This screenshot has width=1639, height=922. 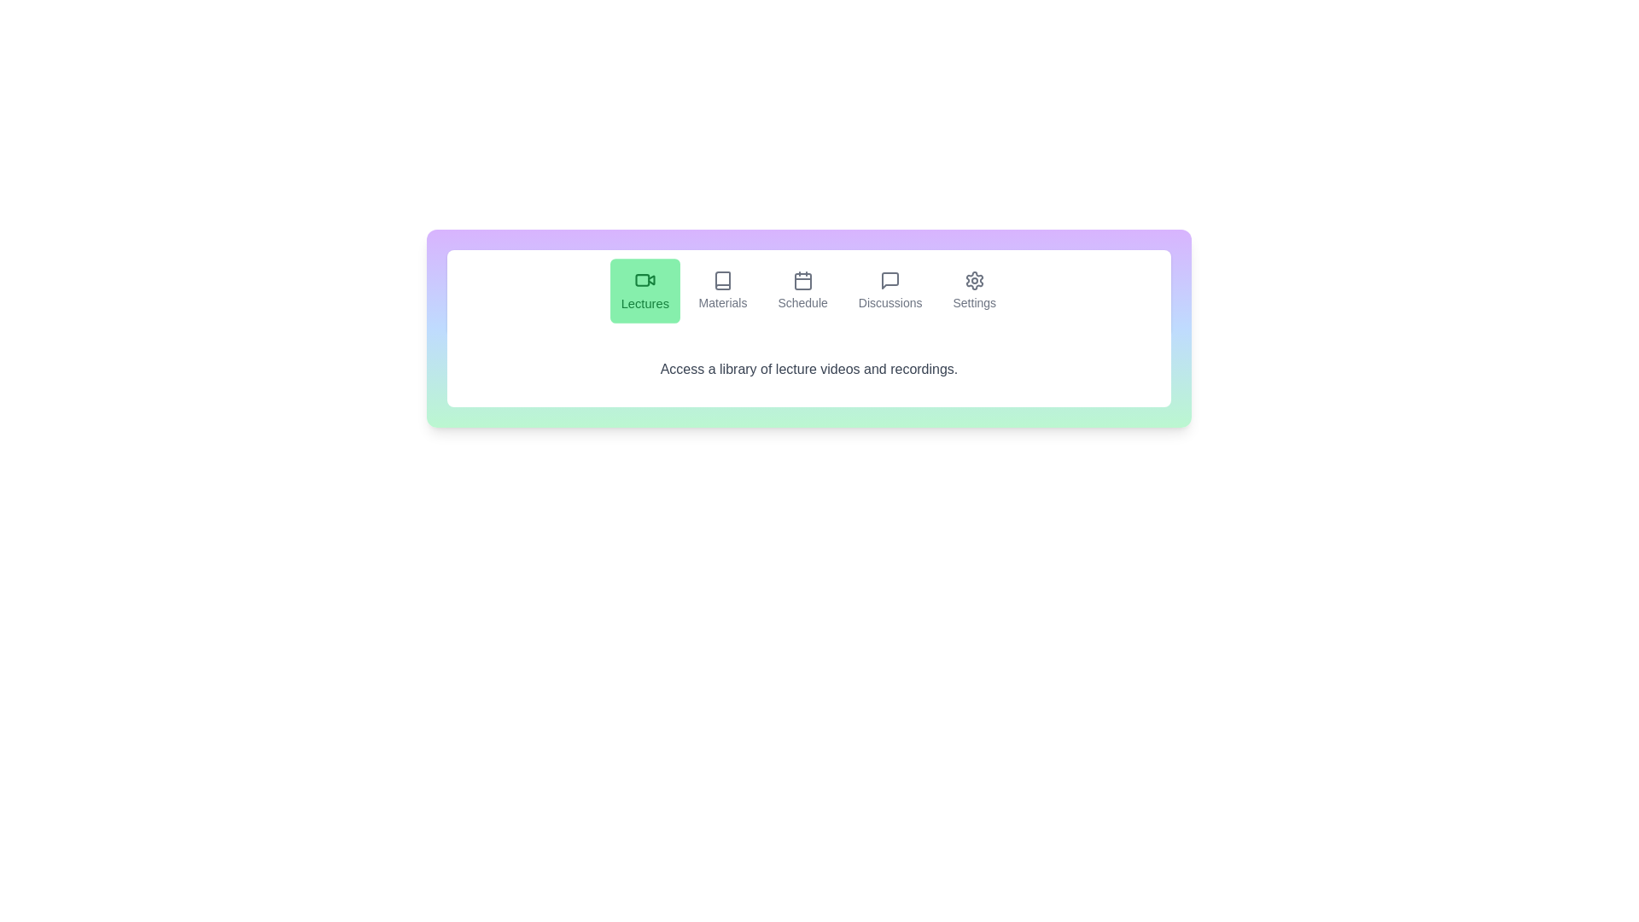 I want to click on the Discussions tab, so click(x=889, y=289).